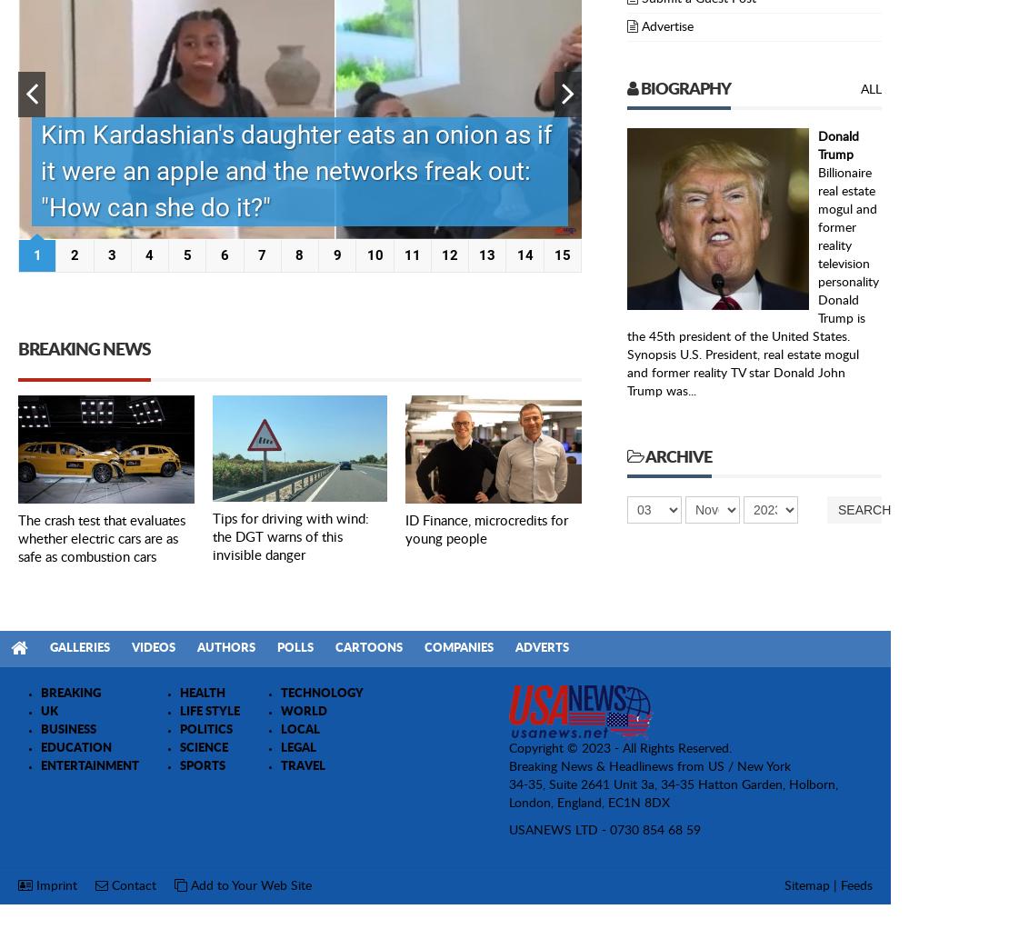 The image size is (1009, 949). I want to click on 'ID Finance, microcredits for young people', so click(485, 528).